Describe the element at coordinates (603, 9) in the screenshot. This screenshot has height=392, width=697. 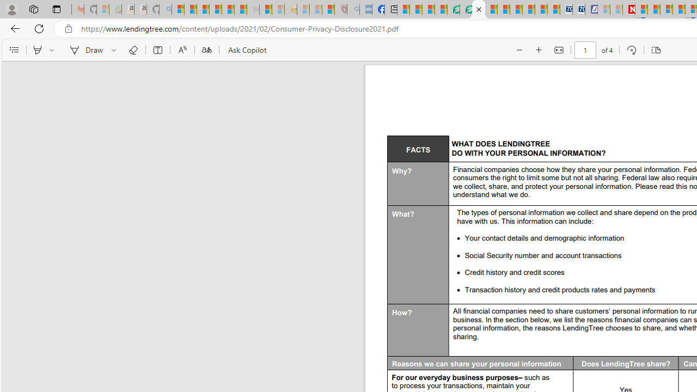
I see `'Microsoft account | Privacy - Sleeping'` at that location.